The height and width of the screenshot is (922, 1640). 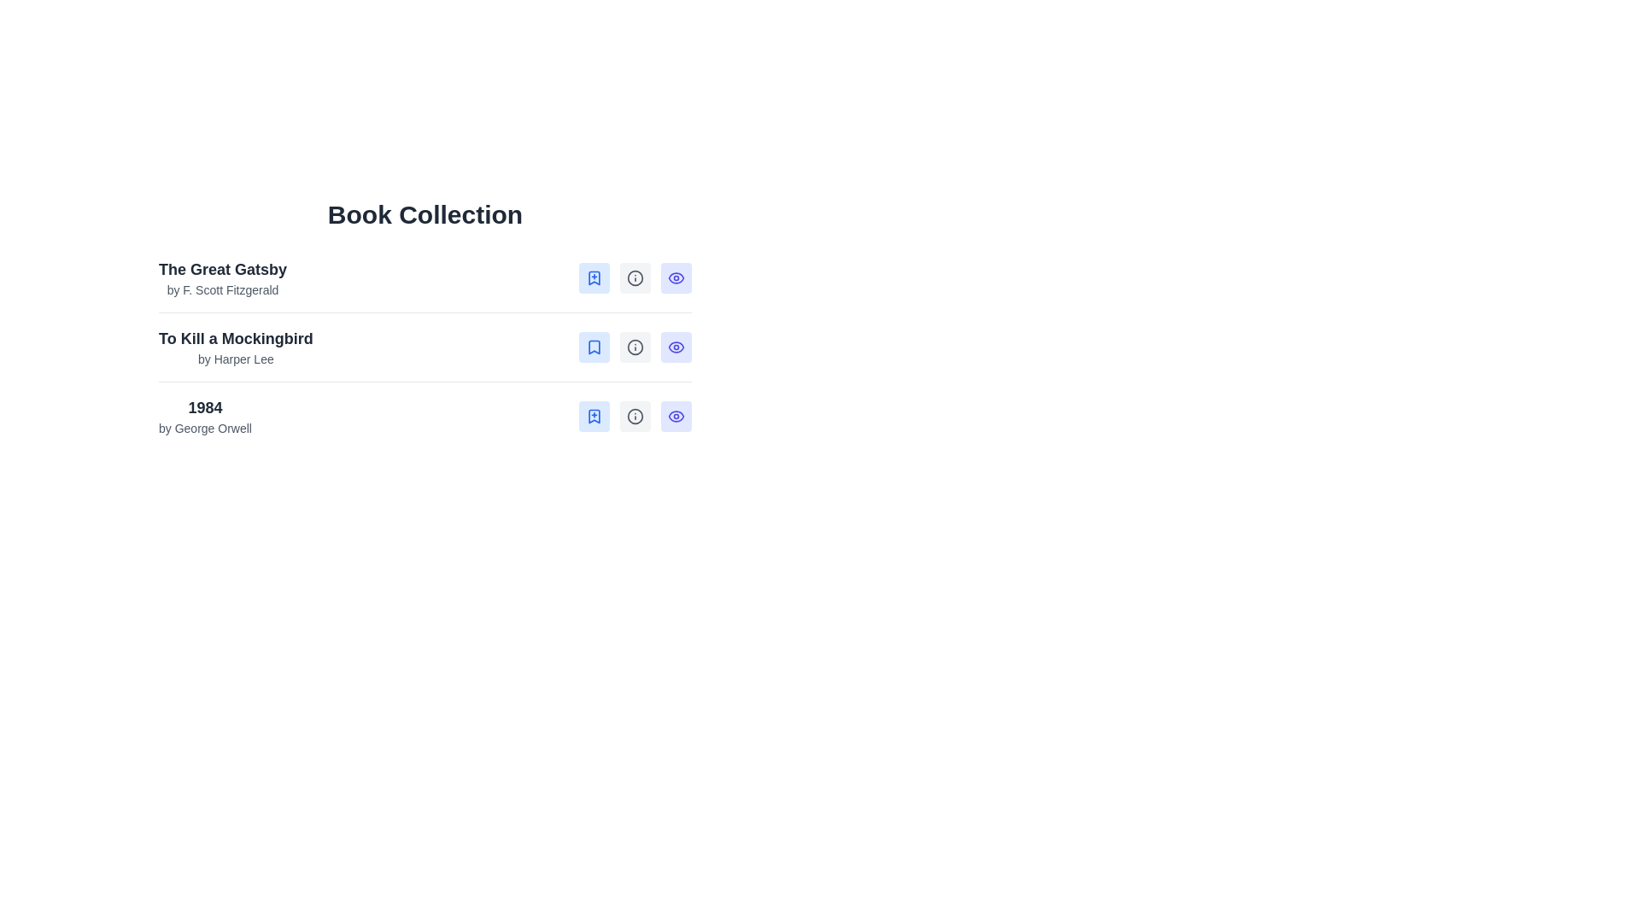 What do you see at coordinates (594, 347) in the screenshot?
I see `the bookmark icon for the book 'To Kill a Mockingbird'` at bounding box center [594, 347].